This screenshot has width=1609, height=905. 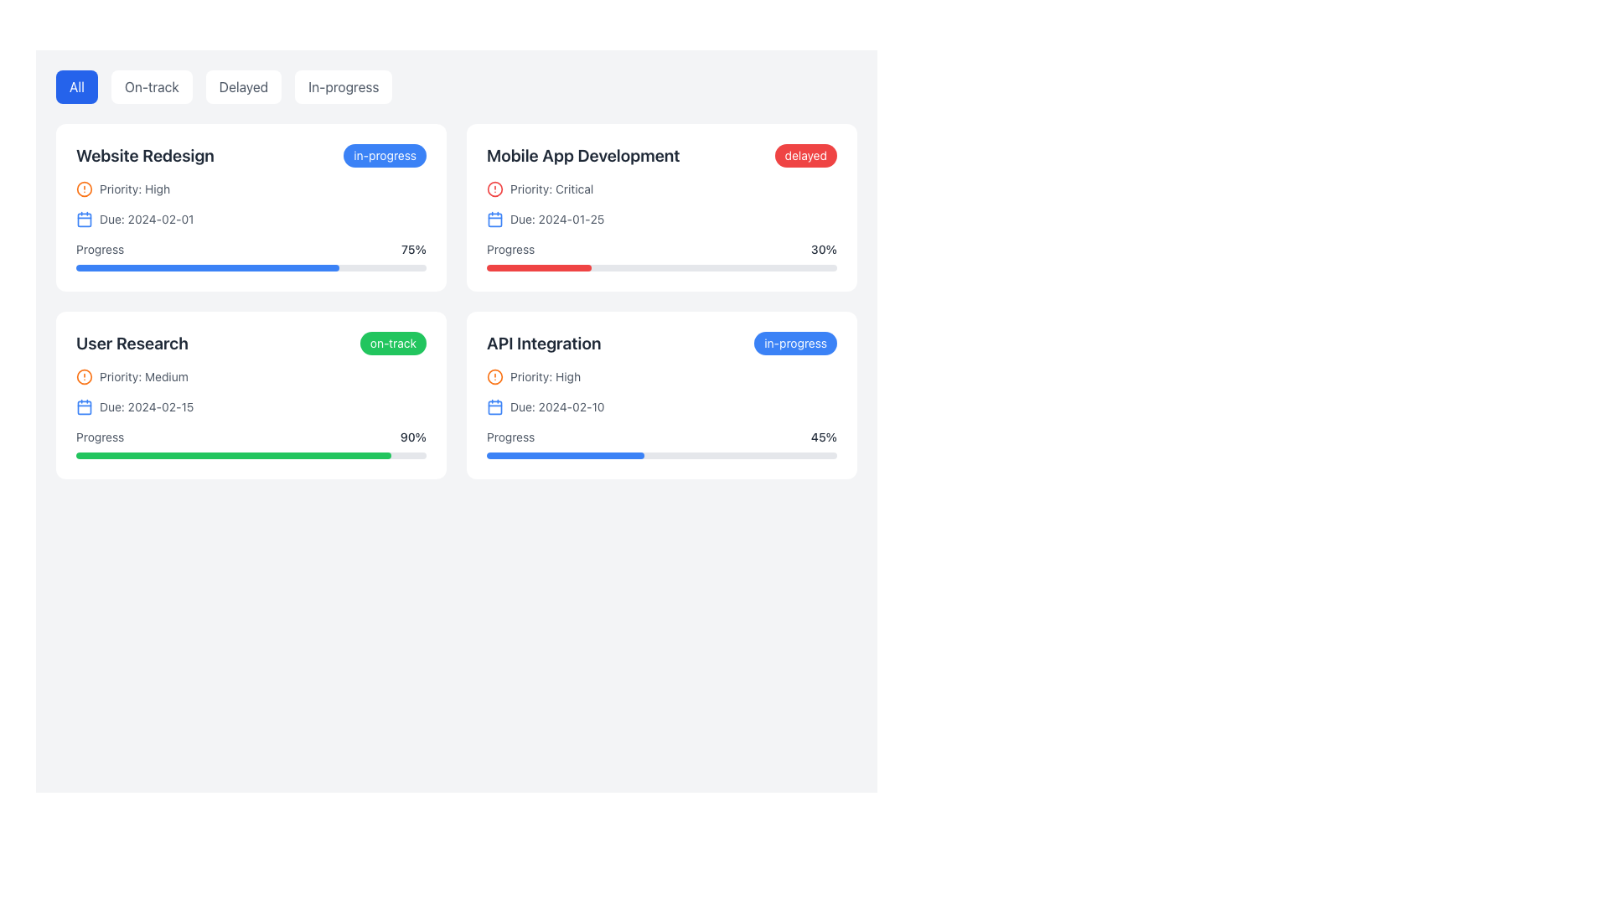 I want to click on the 'User Research' task title and its current status 'on-track' displayed in the top-left area of the second card in the grid layout, so click(x=250, y=342).